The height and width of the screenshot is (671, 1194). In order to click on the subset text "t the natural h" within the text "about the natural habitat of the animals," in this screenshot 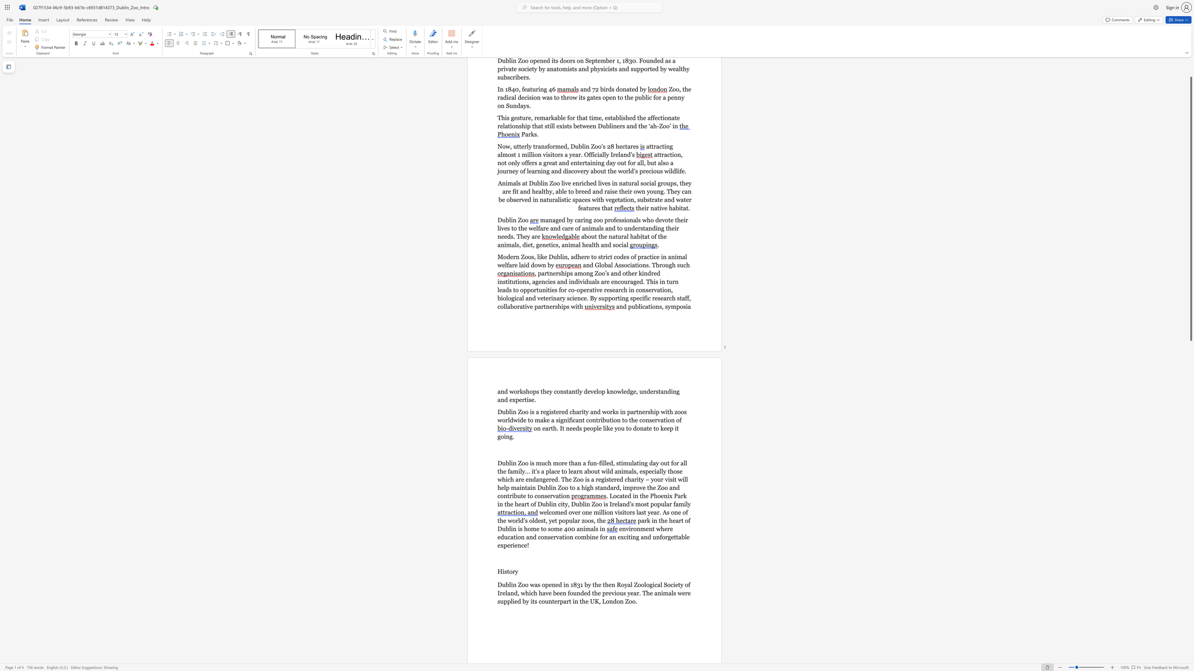, I will do `click(594, 236)`.